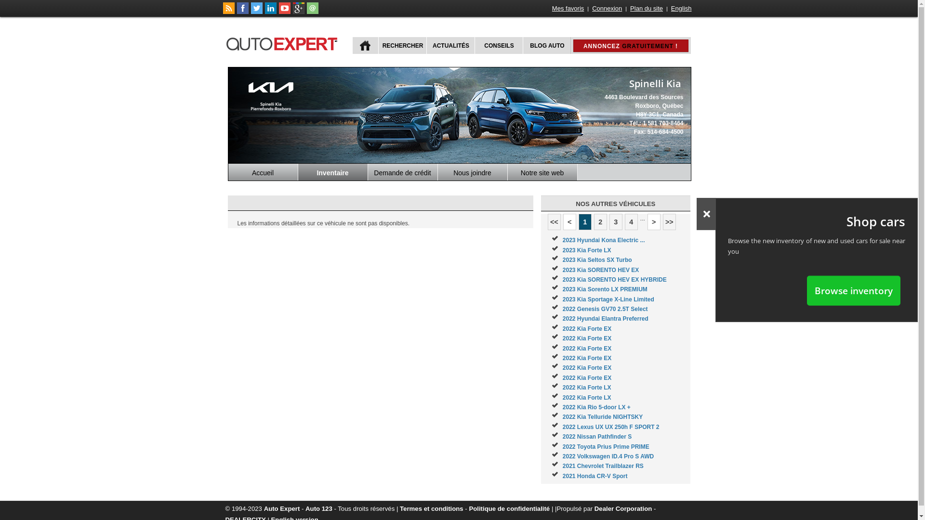 This screenshot has width=925, height=520. I want to click on 'BLOG AUTO', so click(546, 45).